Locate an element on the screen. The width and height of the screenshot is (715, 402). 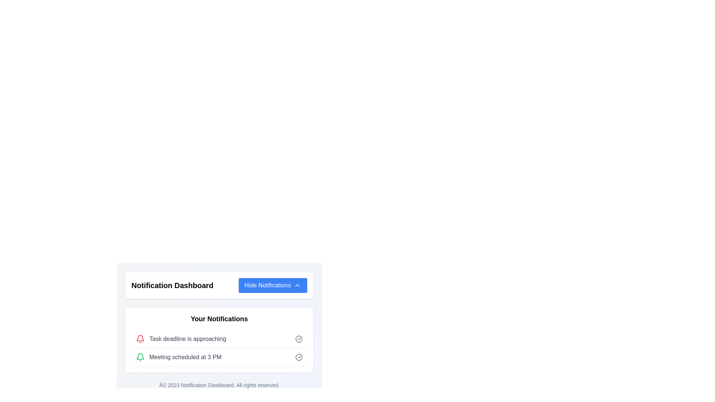
the first notification item in the notification list that informs the user about an approaching task deadline, located below the 'Your Notifications' header is located at coordinates (219, 339).